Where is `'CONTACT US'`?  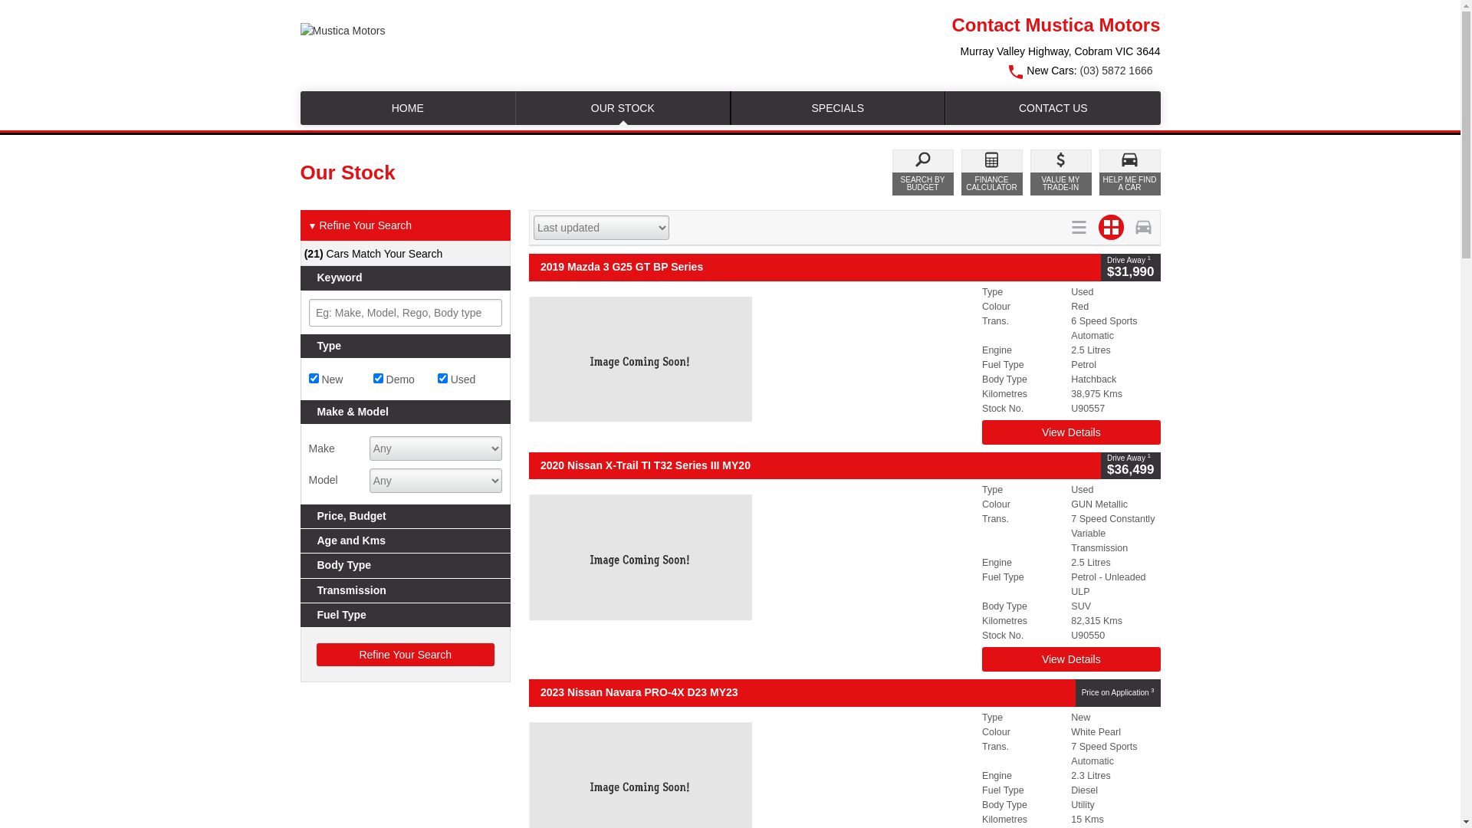 'CONTACT US' is located at coordinates (1052, 107).